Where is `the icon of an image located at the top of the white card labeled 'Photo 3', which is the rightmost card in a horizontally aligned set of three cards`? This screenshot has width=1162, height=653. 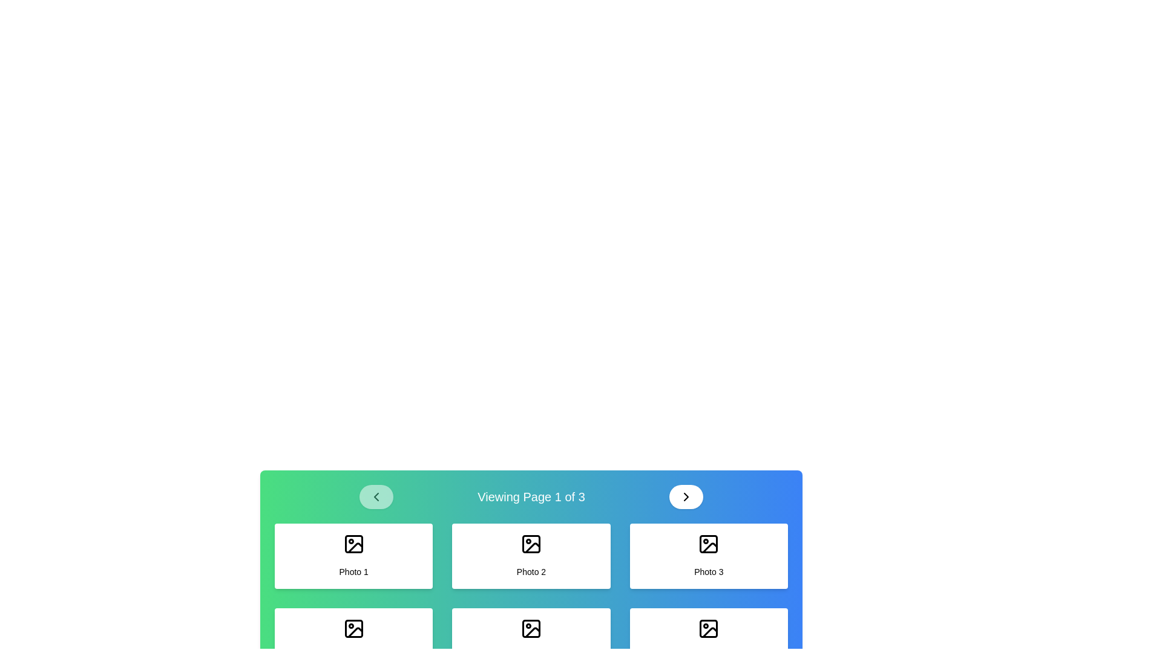
the icon of an image located at the top of the white card labeled 'Photo 3', which is the rightmost card in a horizontally aligned set of three cards is located at coordinates (709, 543).